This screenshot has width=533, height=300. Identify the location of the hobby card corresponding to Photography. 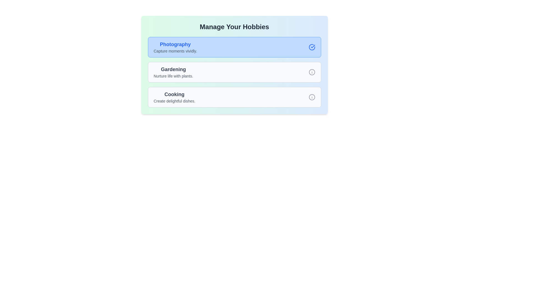
(234, 47).